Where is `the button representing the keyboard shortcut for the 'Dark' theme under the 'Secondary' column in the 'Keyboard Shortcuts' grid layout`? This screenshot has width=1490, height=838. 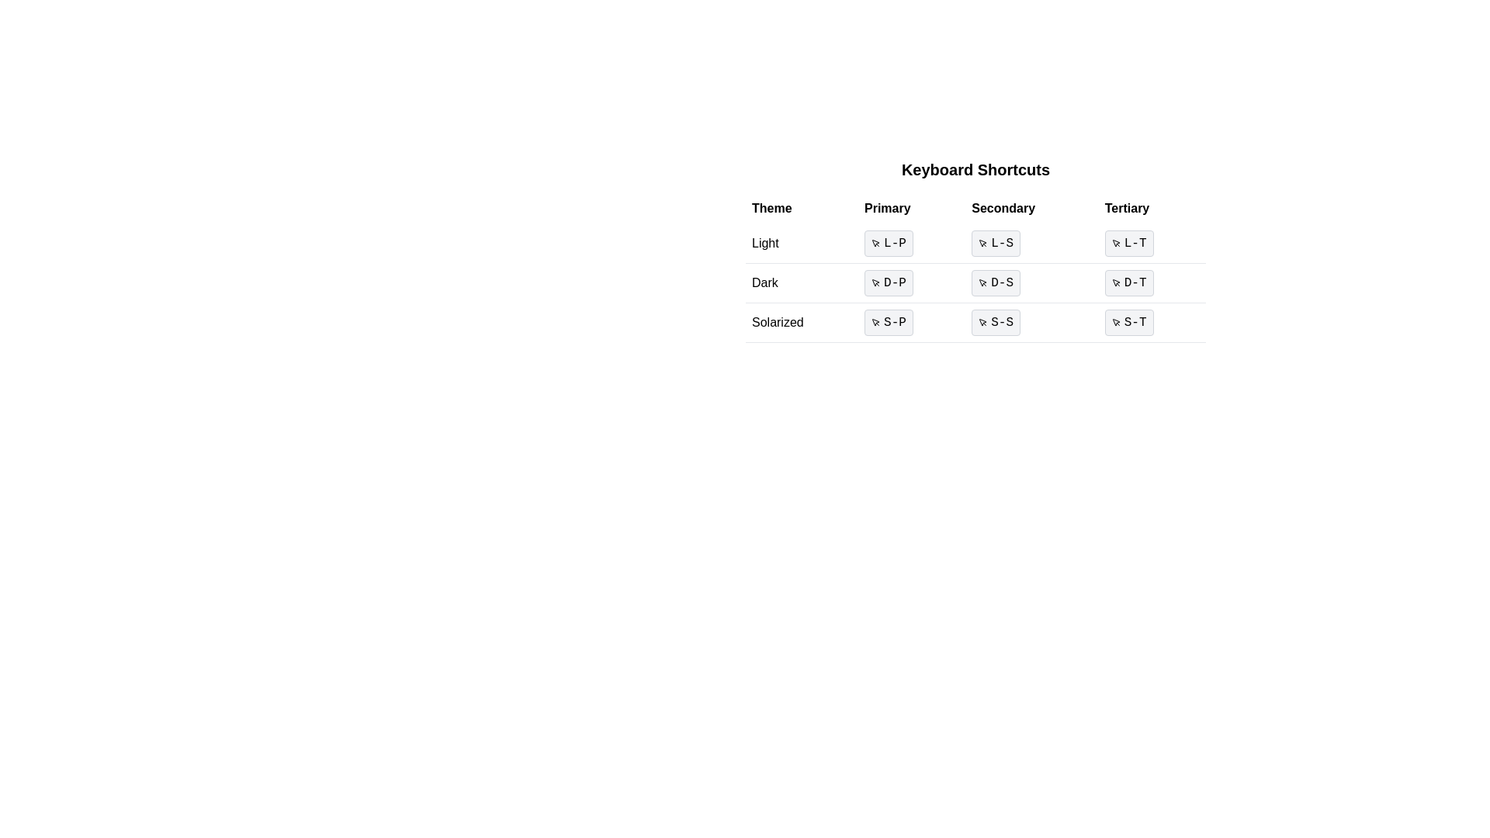 the button representing the keyboard shortcut for the 'Dark' theme under the 'Secondary' column in the 'Keyboard Shortcuts' grid layout is located at coordinates (996, 283).